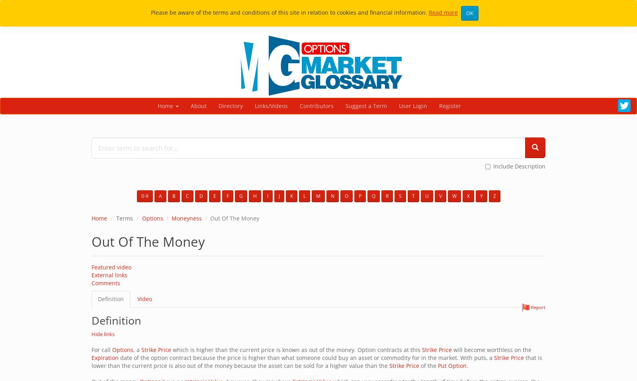 The height and width of the screenshot is (381, 637). I want to click on 'R', so click(386, 195).